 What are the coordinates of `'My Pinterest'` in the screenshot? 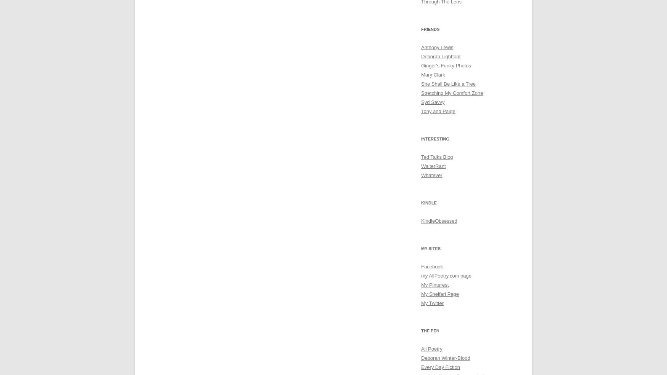 It's located at (421, 285).